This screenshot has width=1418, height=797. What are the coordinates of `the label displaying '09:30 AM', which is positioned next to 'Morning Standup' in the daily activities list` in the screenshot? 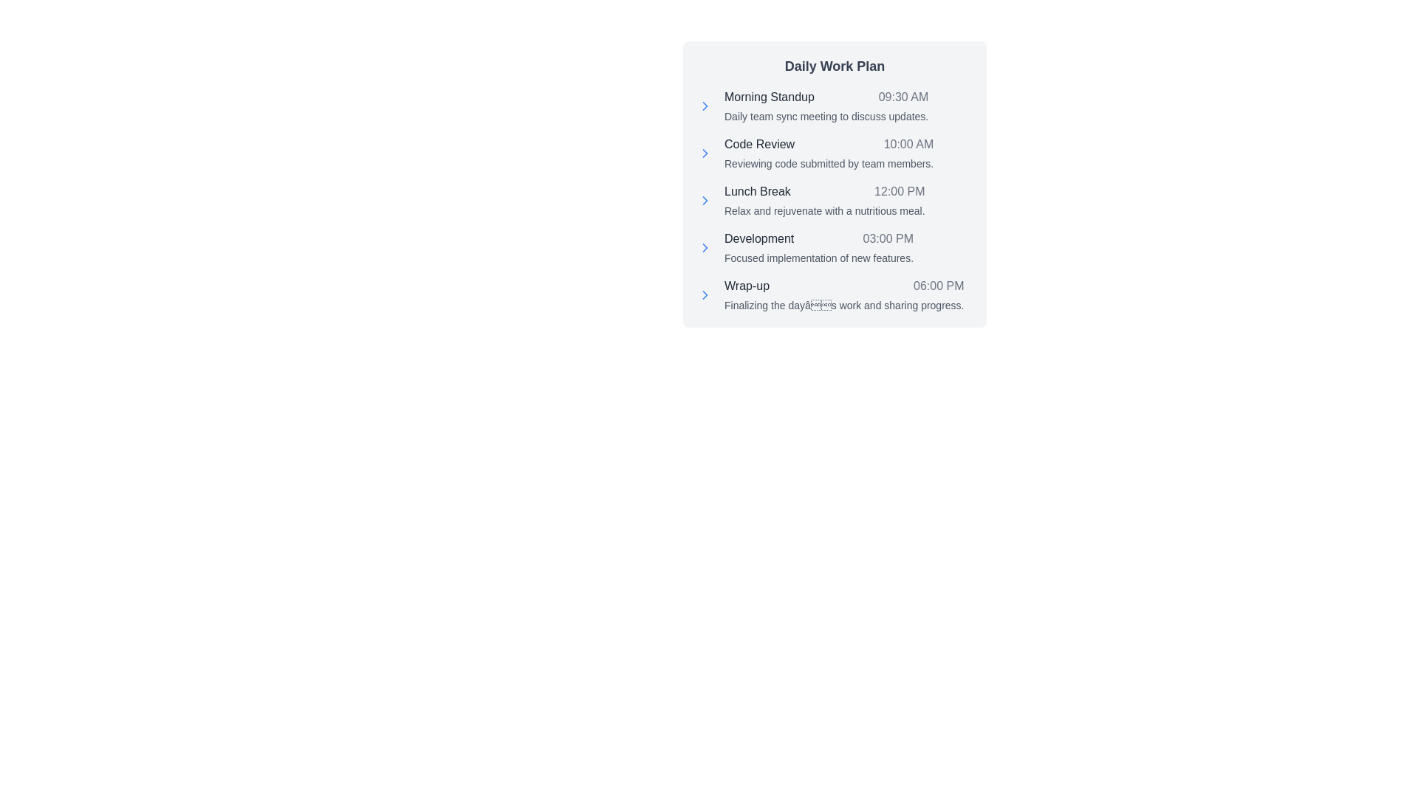 It's located at (902, 97).